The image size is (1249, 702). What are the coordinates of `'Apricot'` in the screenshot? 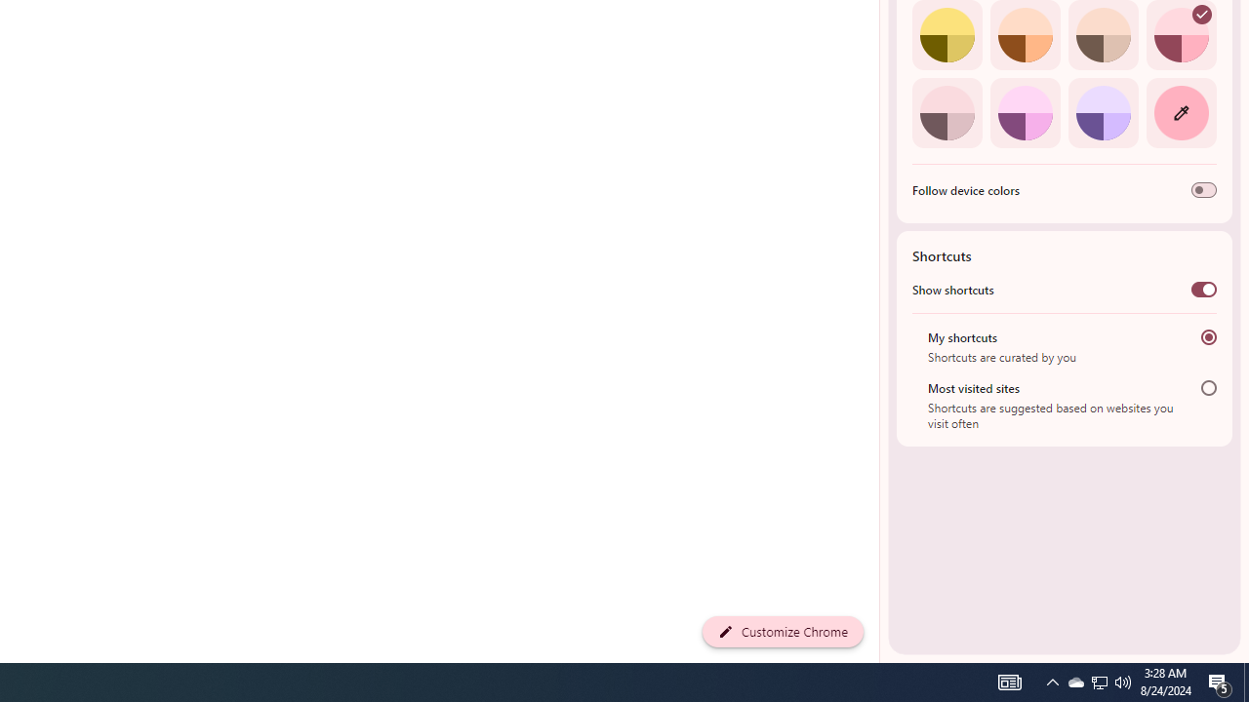 It's located at (1103, 35).